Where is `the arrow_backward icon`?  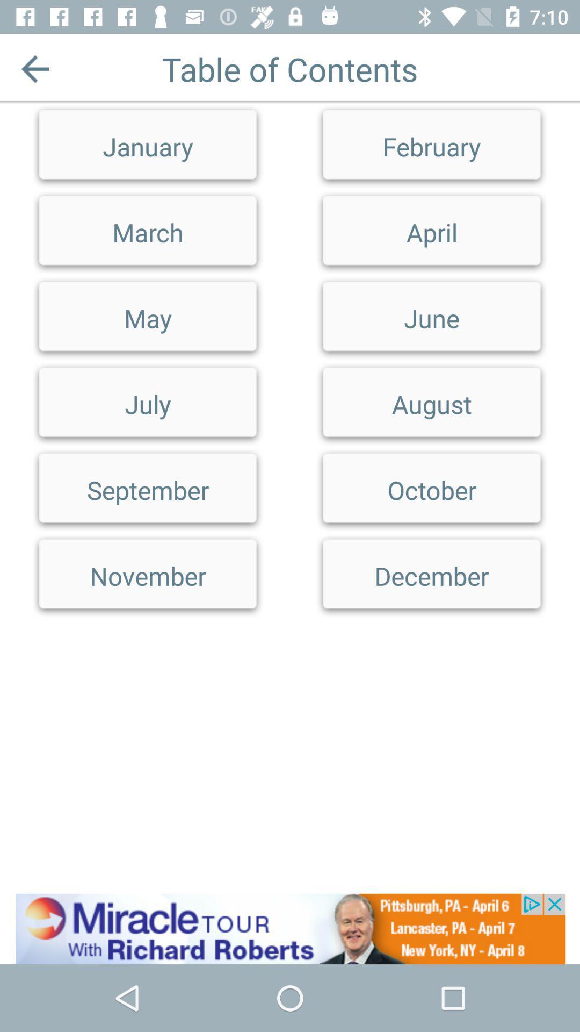 the arrow_backward icon is located at coordinates (34, 68).